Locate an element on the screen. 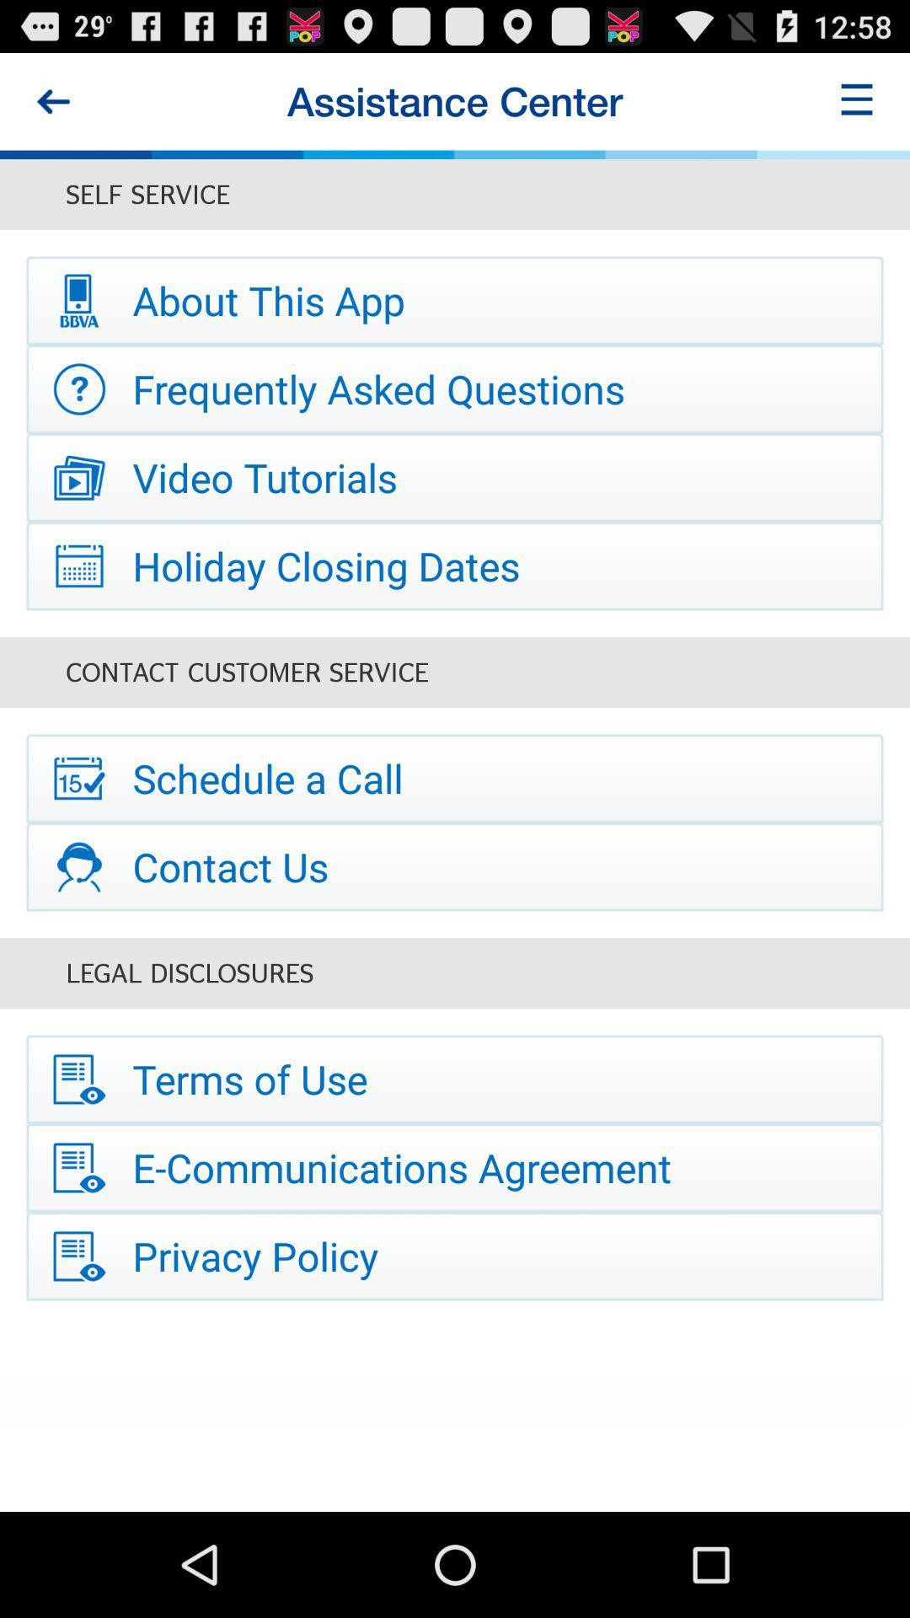 This screenshot has width=910, height=1618. the privacy policy item is located at coordinates (455, 1256).